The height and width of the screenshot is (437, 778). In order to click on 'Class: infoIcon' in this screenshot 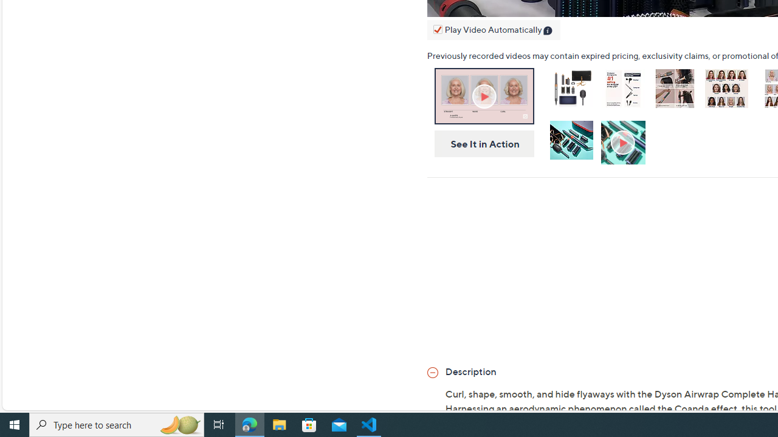, I will do `click(548, 31)`.